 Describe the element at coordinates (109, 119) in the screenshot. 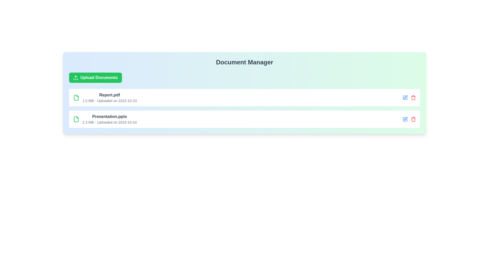

I see `informational text display about the file 'Presentation.pptx', which is the second entry in the list of documents, located below 'Report.pdf'` at that location.